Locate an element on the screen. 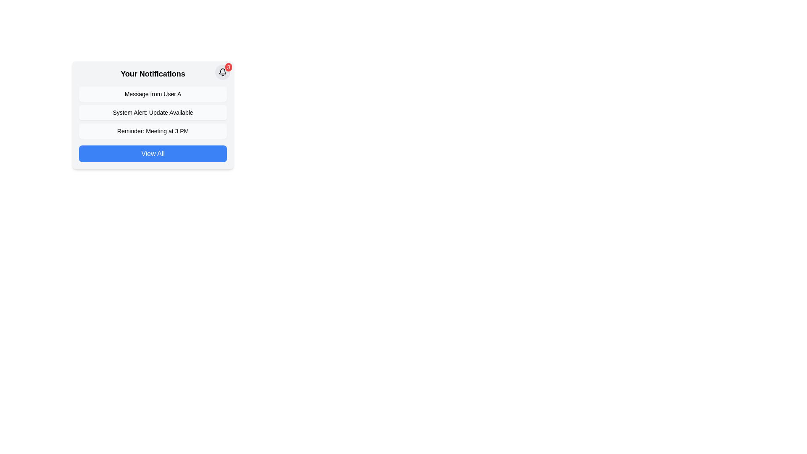  the first notification card in the notifications list, which summarizes a message from 'User A' is located at coordinates (153, 94).